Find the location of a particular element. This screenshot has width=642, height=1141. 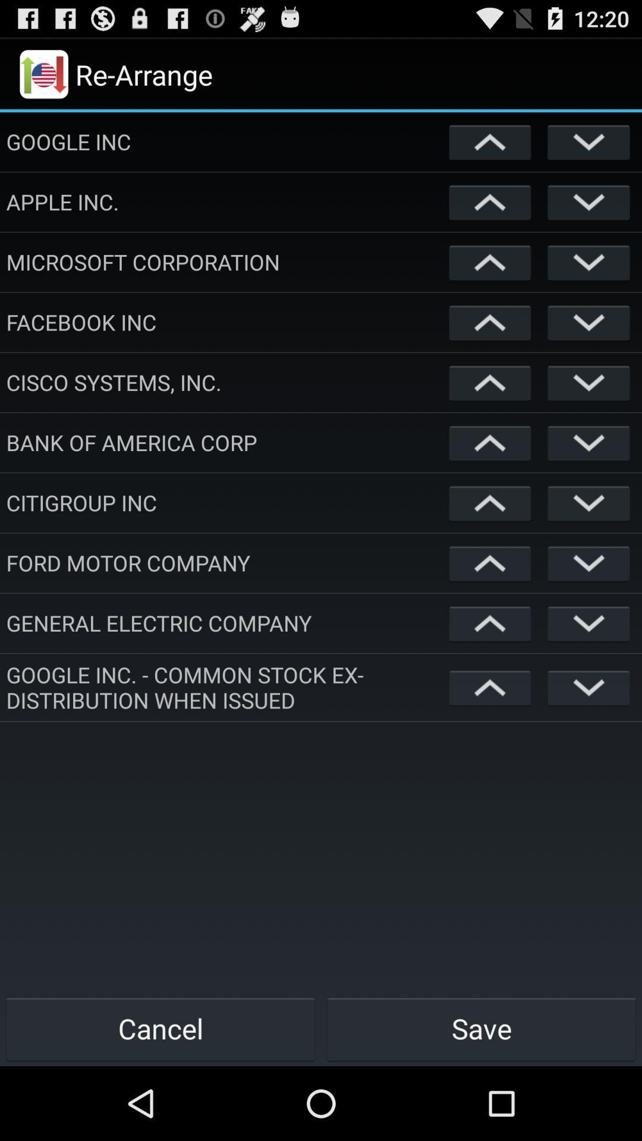

move item up is located at coordinates (490, 141).